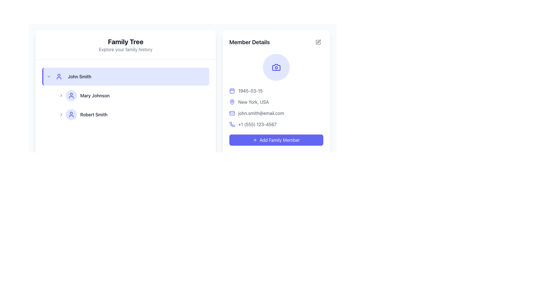 Image resolution: width=537 pixels, height=302 pixels. What do you see at coordinates (318, 42) in the screenshot?
I see `the icon button styled as a pen and square, located in the top-right corner of the 'Member Details' section` at bounding box center [318, 42].